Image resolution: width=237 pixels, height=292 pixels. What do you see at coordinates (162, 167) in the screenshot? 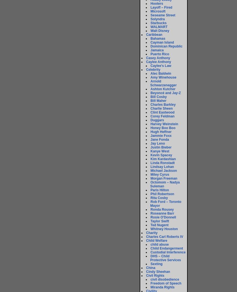
I see `'Lindsay Lohan'` at bounding box center [162, 167].